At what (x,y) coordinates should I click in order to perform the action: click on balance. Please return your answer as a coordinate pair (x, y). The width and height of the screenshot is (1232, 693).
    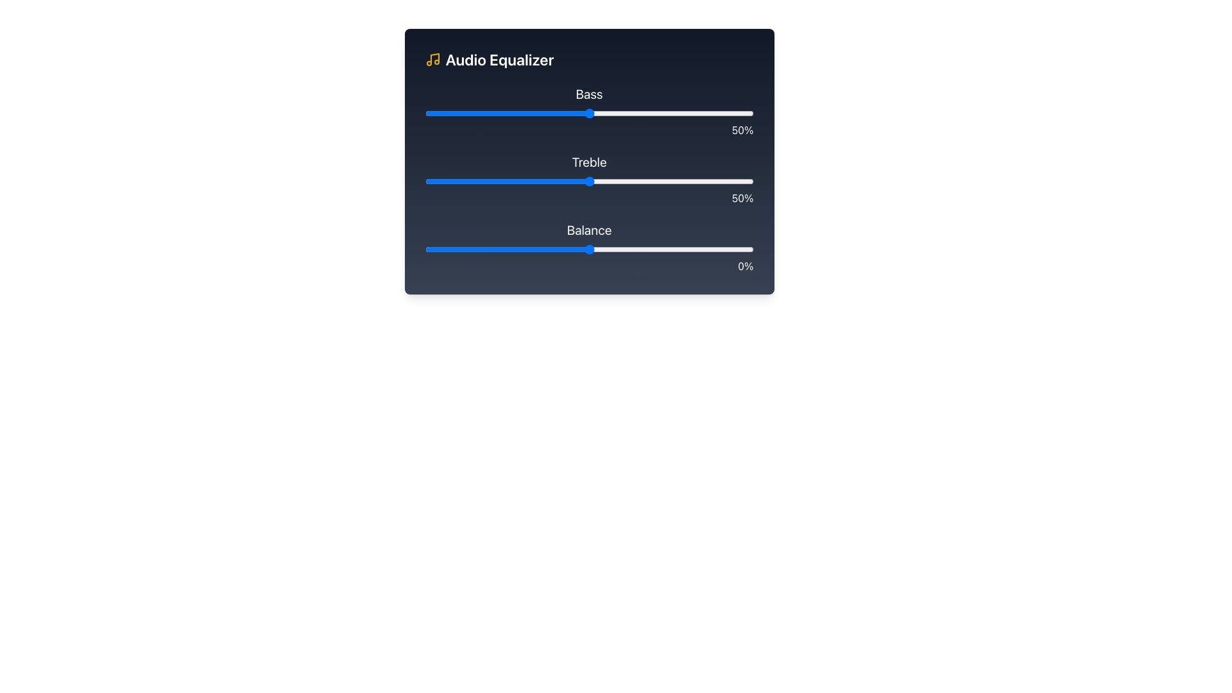
    Looking at the image, I should click on (500, 250).